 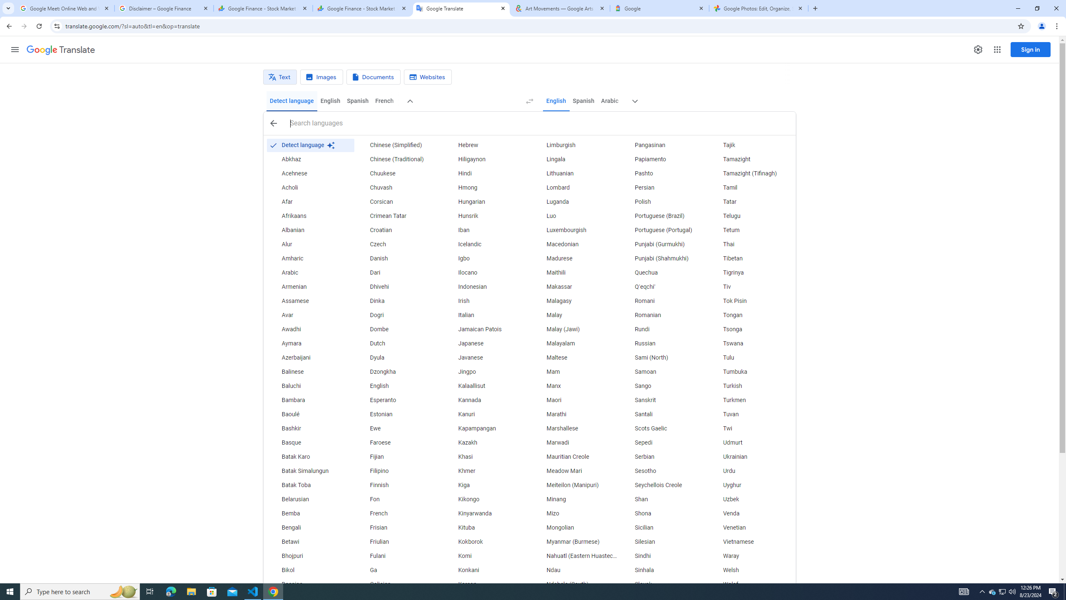 I want to click on 'Maori', so click(x=575, y=400).